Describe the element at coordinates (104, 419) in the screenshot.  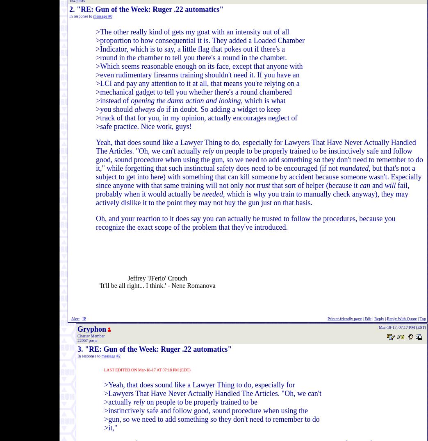
I see `'>gun, so we need to add something so they don't need to remember to do'` at that location.